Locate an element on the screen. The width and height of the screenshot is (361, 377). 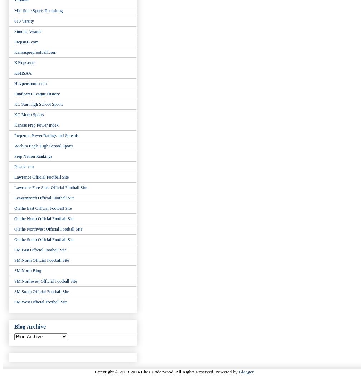
'Olathe Northwest Official Football Site' is located at coordinates (48, 228).